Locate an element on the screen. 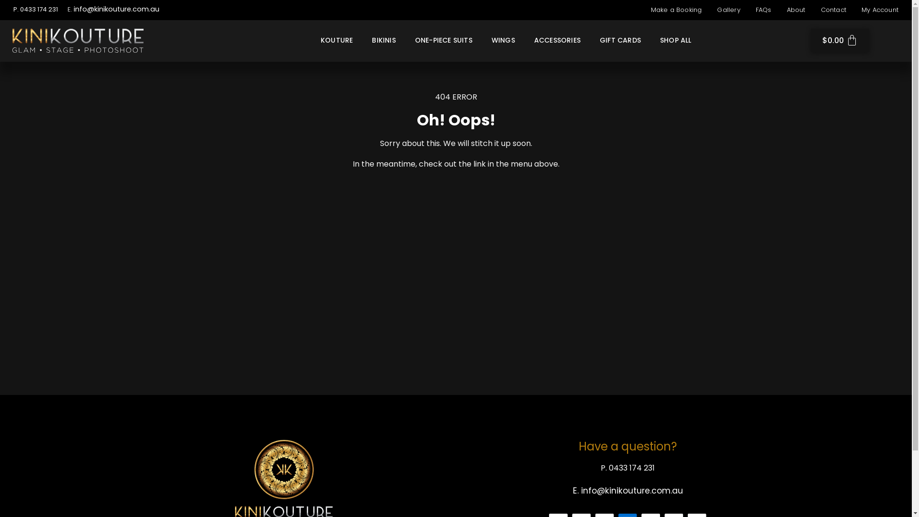  'Make a Booking' is located at coordinates (676, 10).